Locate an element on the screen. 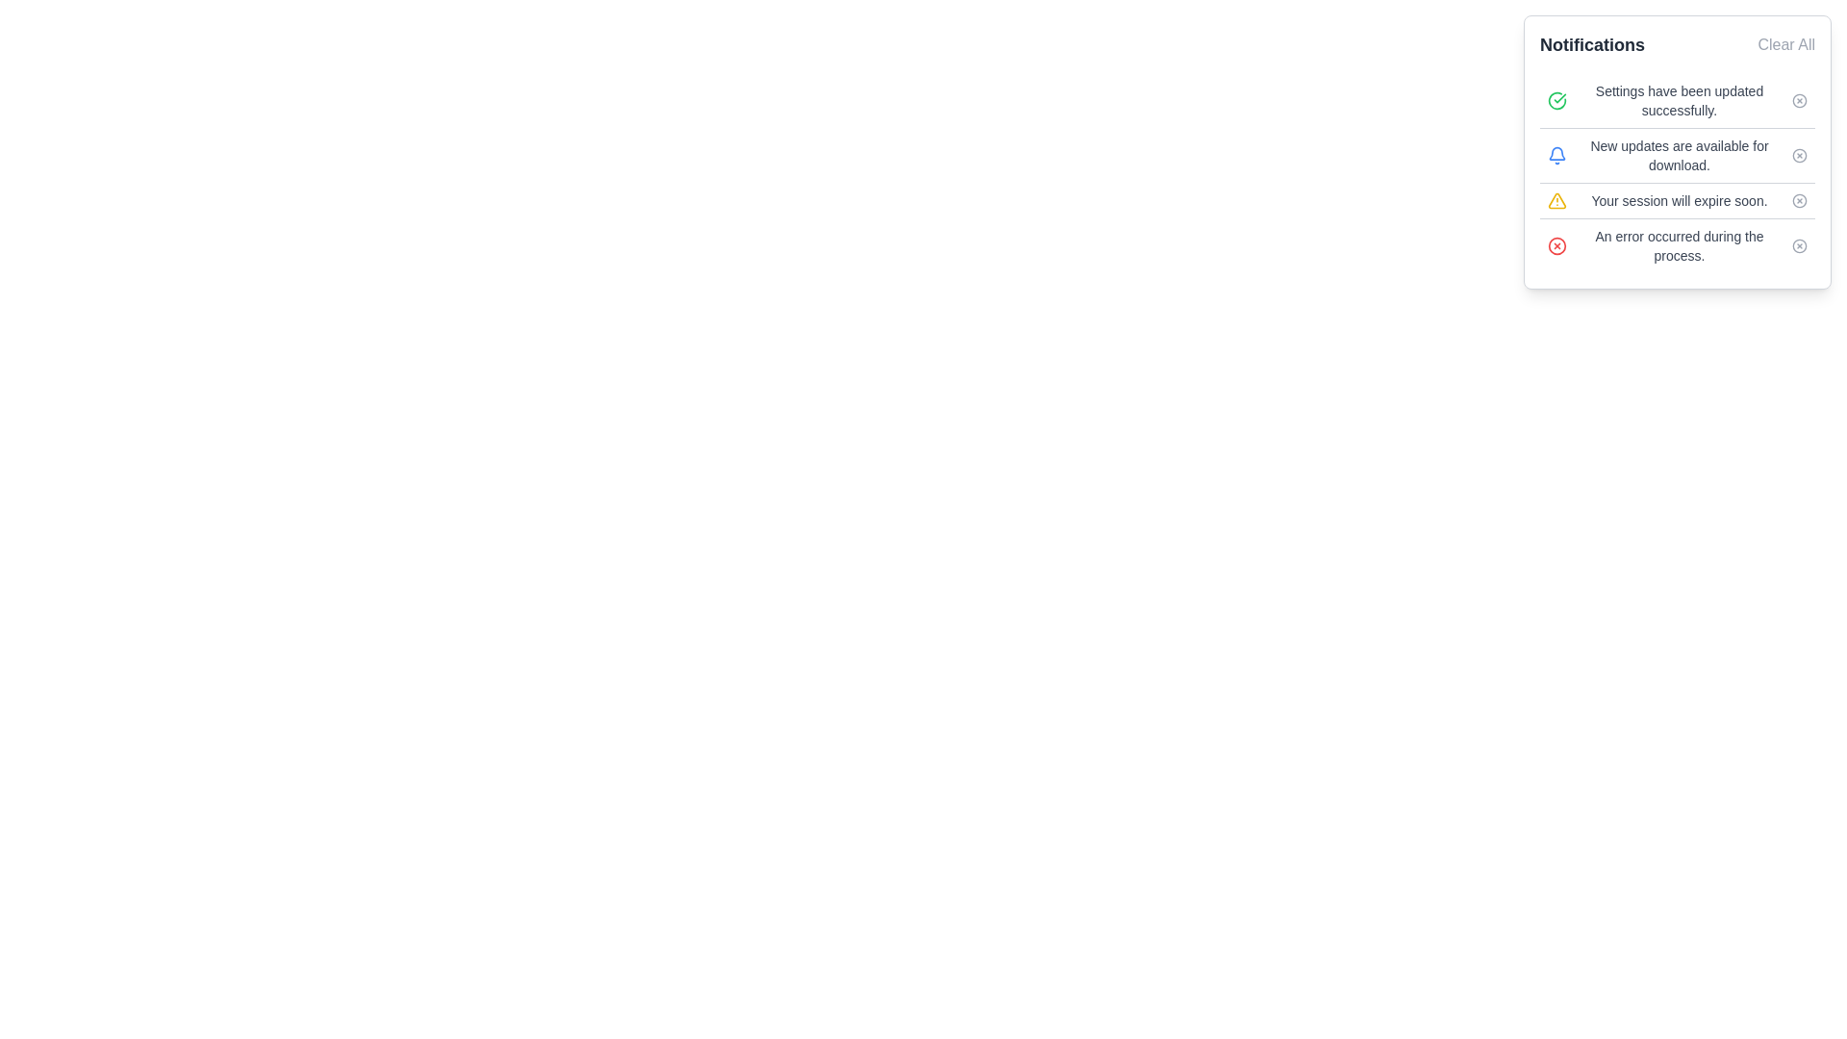 The height and width of the screenshot is (1039, 1847). the dismiss button located at the far right side of the notification message, aligned with the text 'Your session will expire soon.' is located at coordinates (1799, 200).